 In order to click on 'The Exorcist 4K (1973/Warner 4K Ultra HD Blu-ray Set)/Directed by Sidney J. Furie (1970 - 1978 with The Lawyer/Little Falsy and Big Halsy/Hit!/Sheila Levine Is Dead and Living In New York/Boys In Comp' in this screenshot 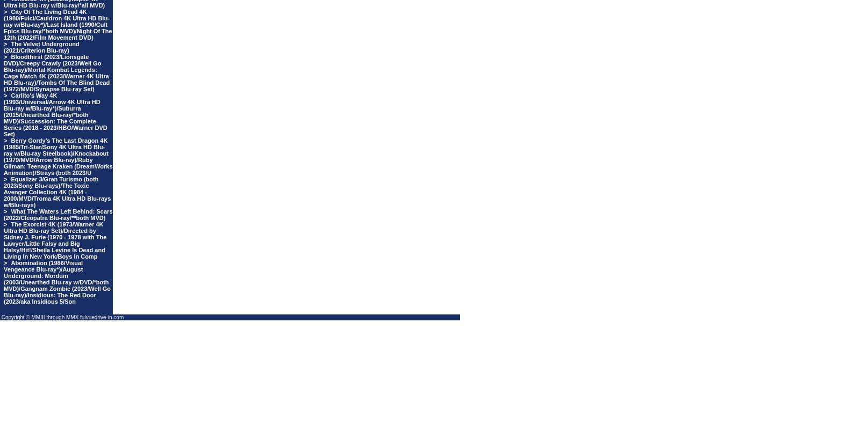, I will do `click(55, 239)`.